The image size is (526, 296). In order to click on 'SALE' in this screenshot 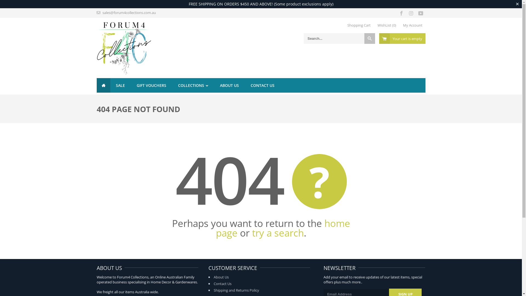, I will do `click(120, 85)`.